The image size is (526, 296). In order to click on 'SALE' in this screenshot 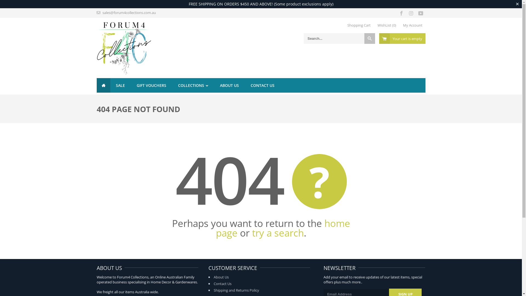, I will do `click(120, 85)`.